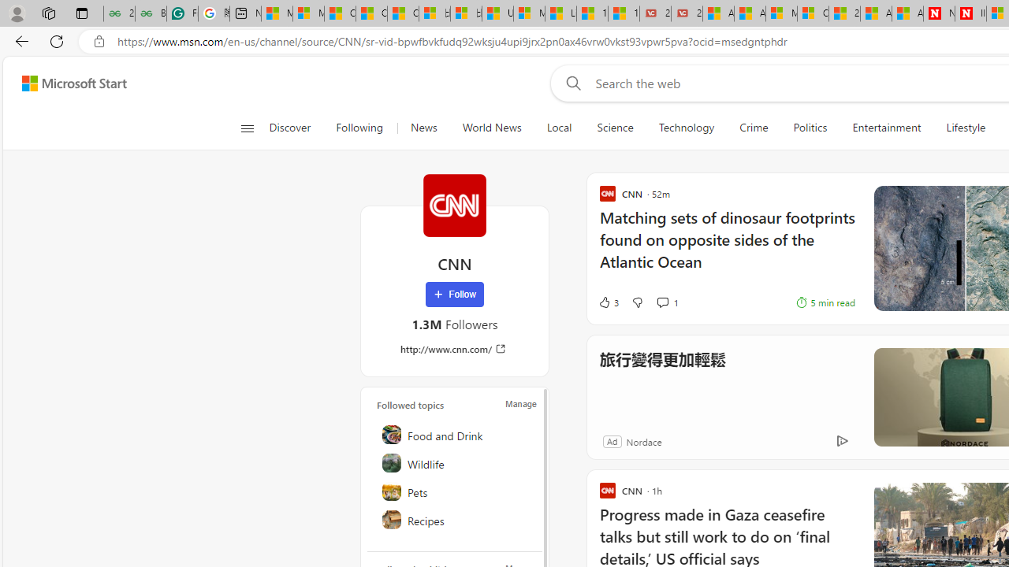  Describe the element at coordinates (623, 13) in the screenshot. I see `'15 Ways Modern Life Contradicts the Teachings of Jesus'` at that location.